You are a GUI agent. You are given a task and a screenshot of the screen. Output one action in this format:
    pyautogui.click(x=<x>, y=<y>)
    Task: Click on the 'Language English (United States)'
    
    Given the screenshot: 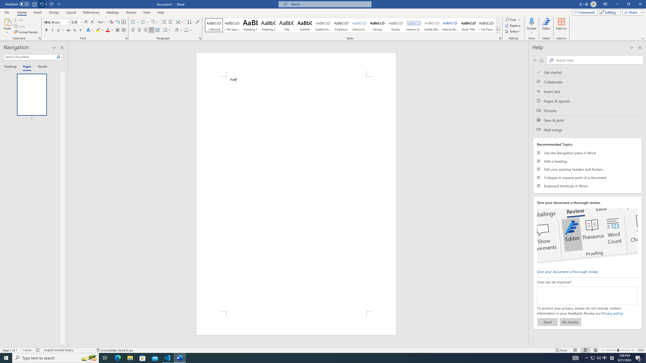 What is the action you would take?
    pyautogui.click(x=68, y=350)
    